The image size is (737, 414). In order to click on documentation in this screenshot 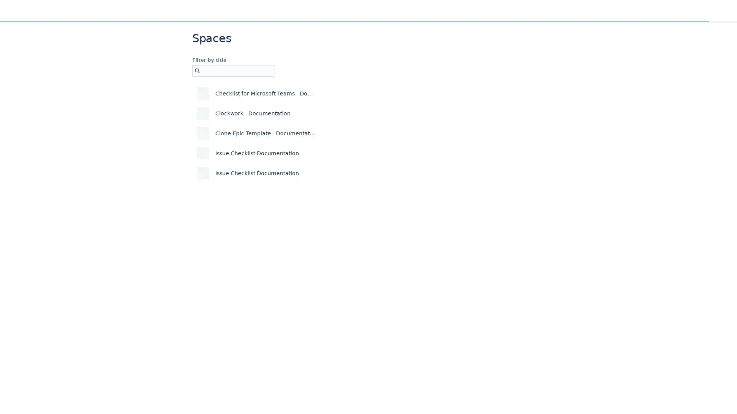, I will do `click(348, 113)`.